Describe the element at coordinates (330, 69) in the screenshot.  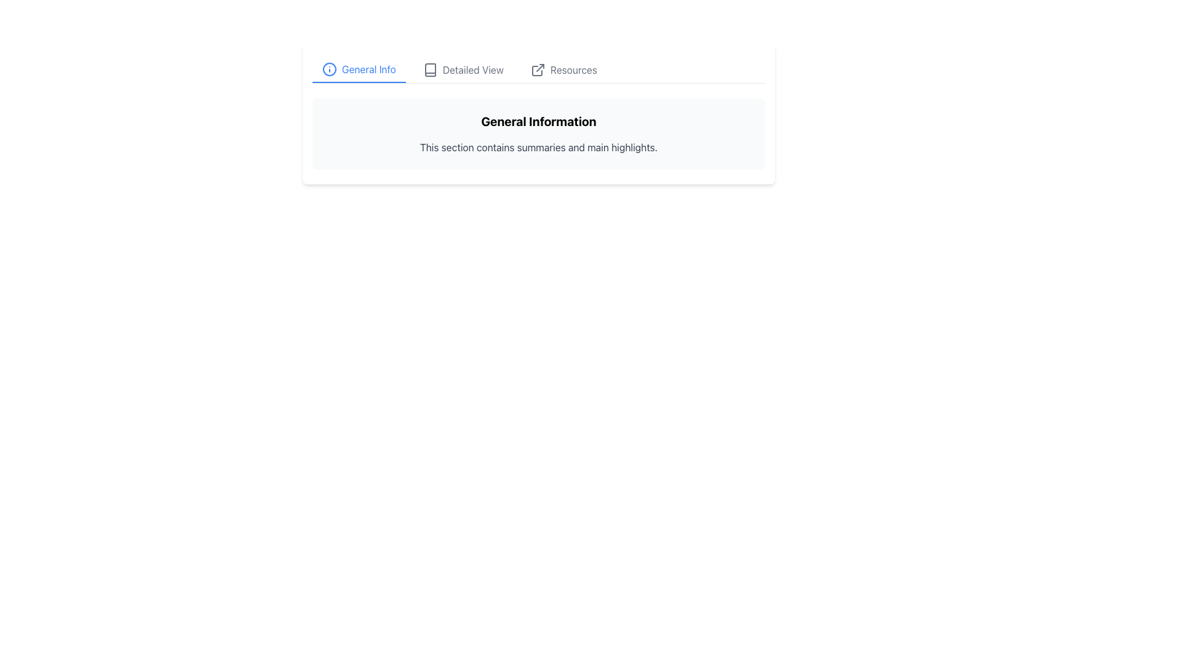
I see `the 'General Info' icon located directly to the left of the text 'General Info'` at that location.